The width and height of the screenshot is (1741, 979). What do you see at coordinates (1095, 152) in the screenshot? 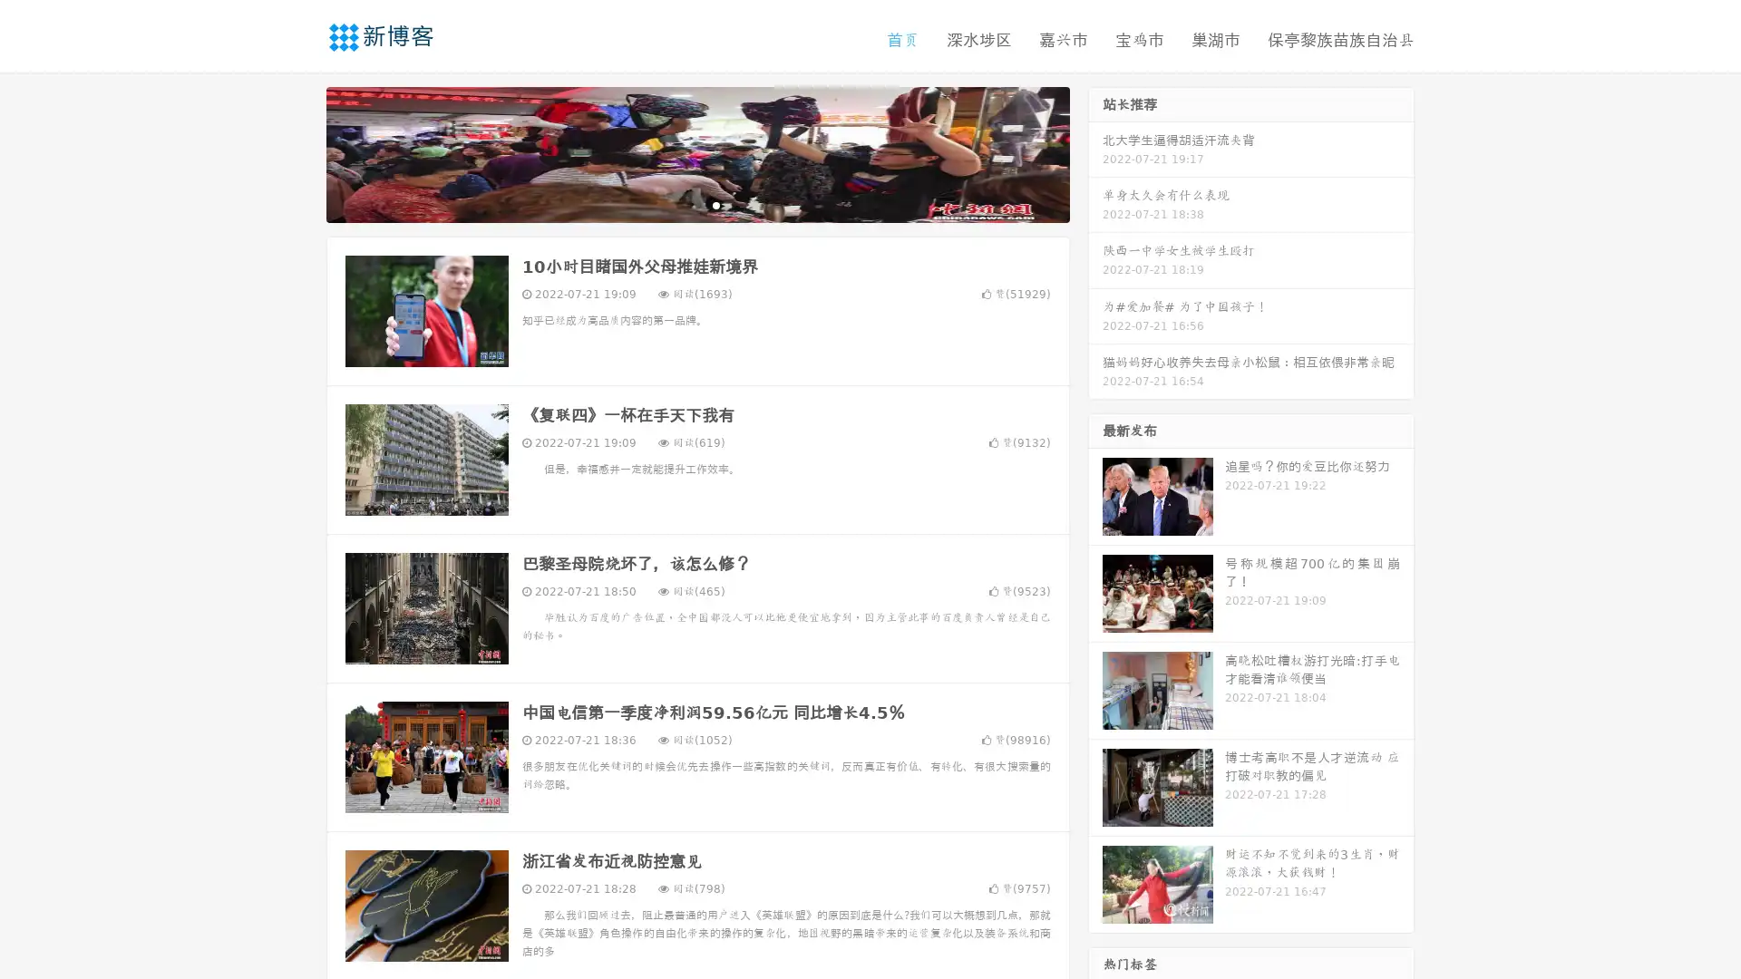
I see `Next slide` at bounding box center [1095, 152].